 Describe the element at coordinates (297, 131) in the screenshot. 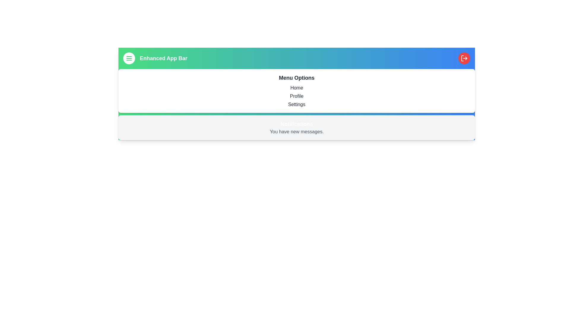

I see `the 'You have new messages.' text in the notifications section` at that location.